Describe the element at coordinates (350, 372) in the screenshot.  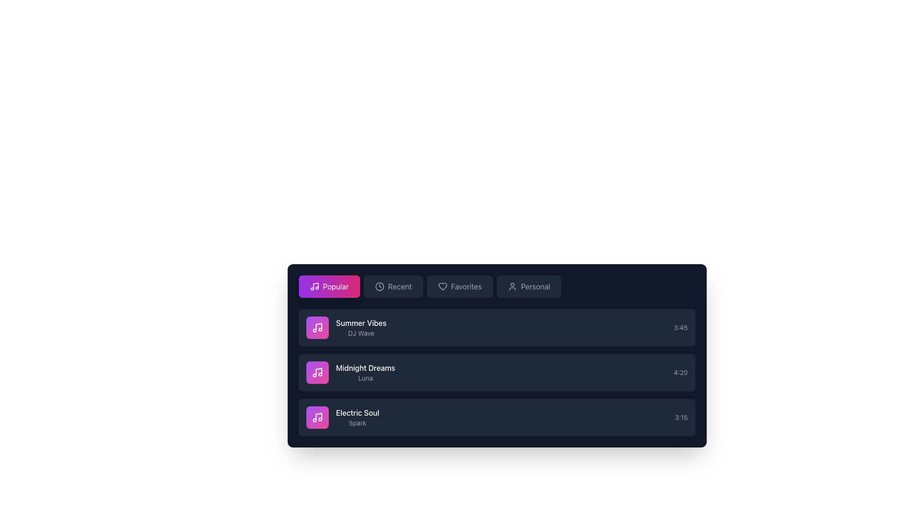
I see `the list entry for the music track 'Midnight Dreams' by 'Luna'` at that location.